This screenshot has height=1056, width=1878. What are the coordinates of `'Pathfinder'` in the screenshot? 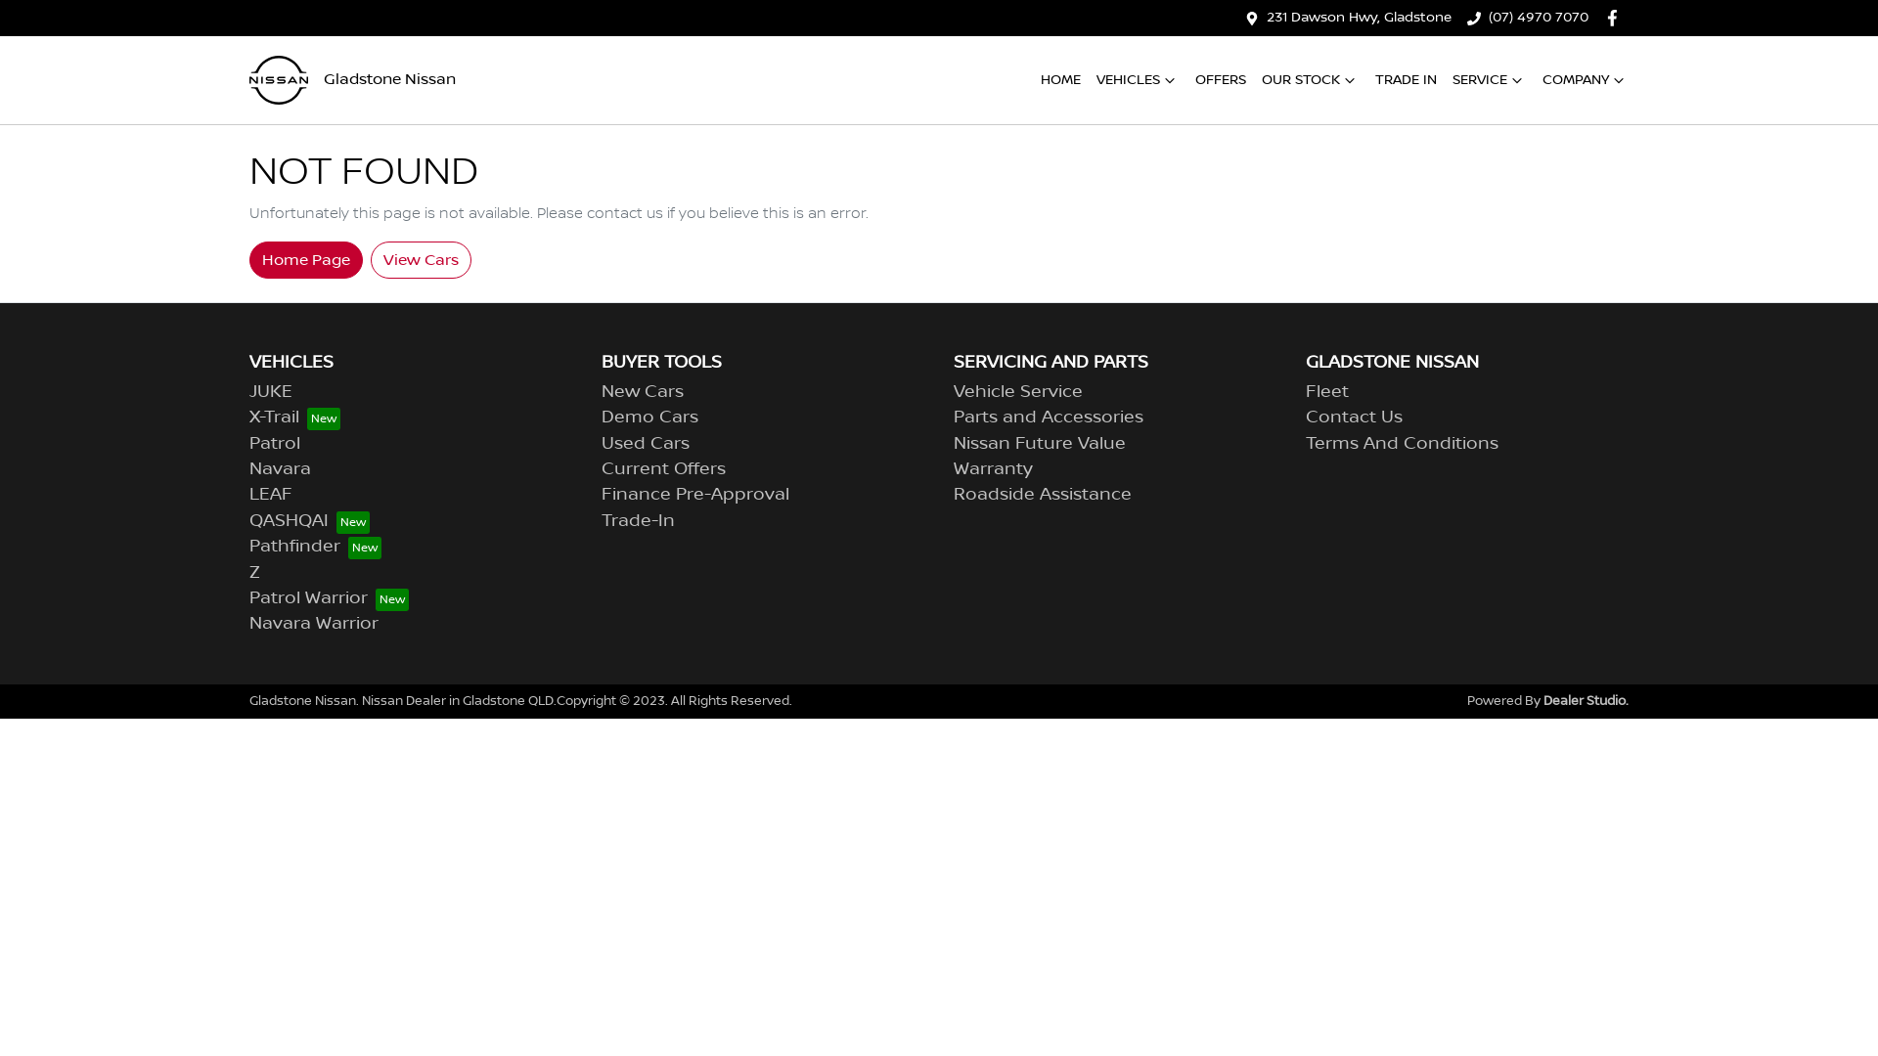 It's located at (315, 547).